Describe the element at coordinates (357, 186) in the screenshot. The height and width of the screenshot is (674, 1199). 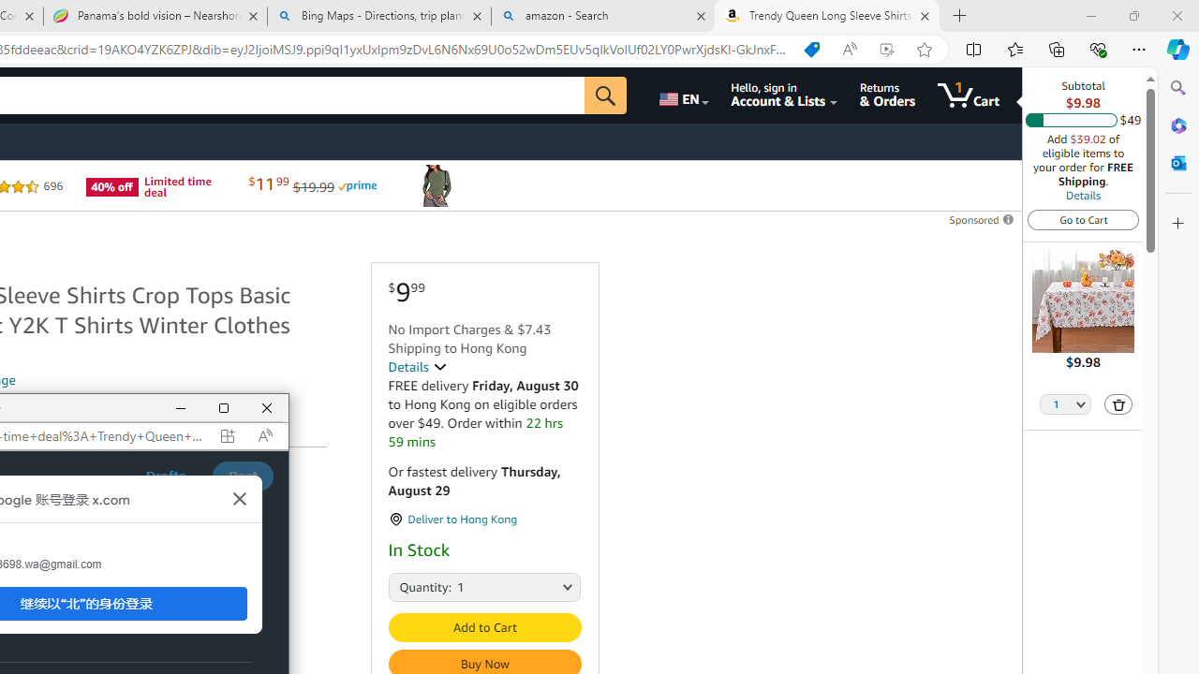
I see `'Prime'` at that location.